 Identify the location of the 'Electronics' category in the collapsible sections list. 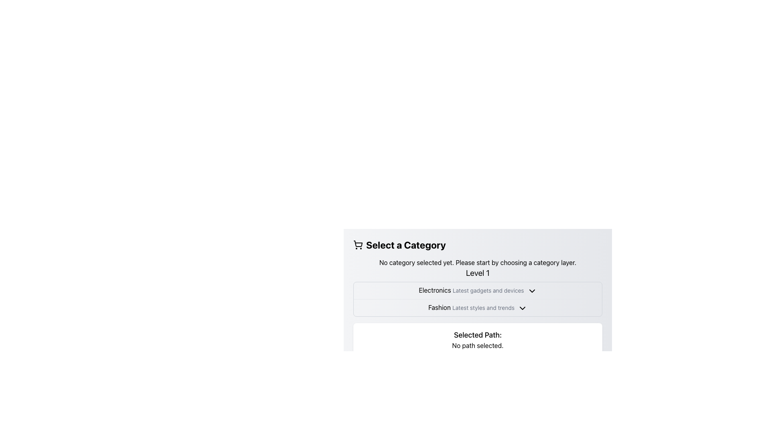
(478, 292).